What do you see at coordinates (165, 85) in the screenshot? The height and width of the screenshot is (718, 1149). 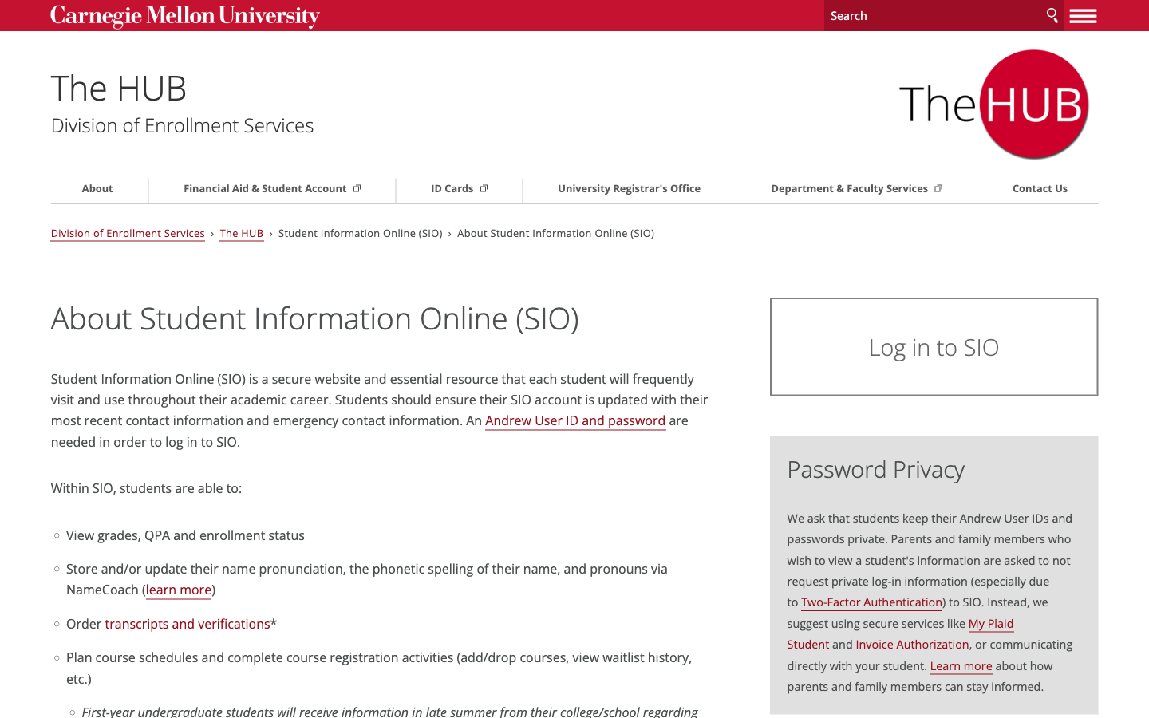 I see `Execute double click on "The Hub` at bounding box center [165, 85].